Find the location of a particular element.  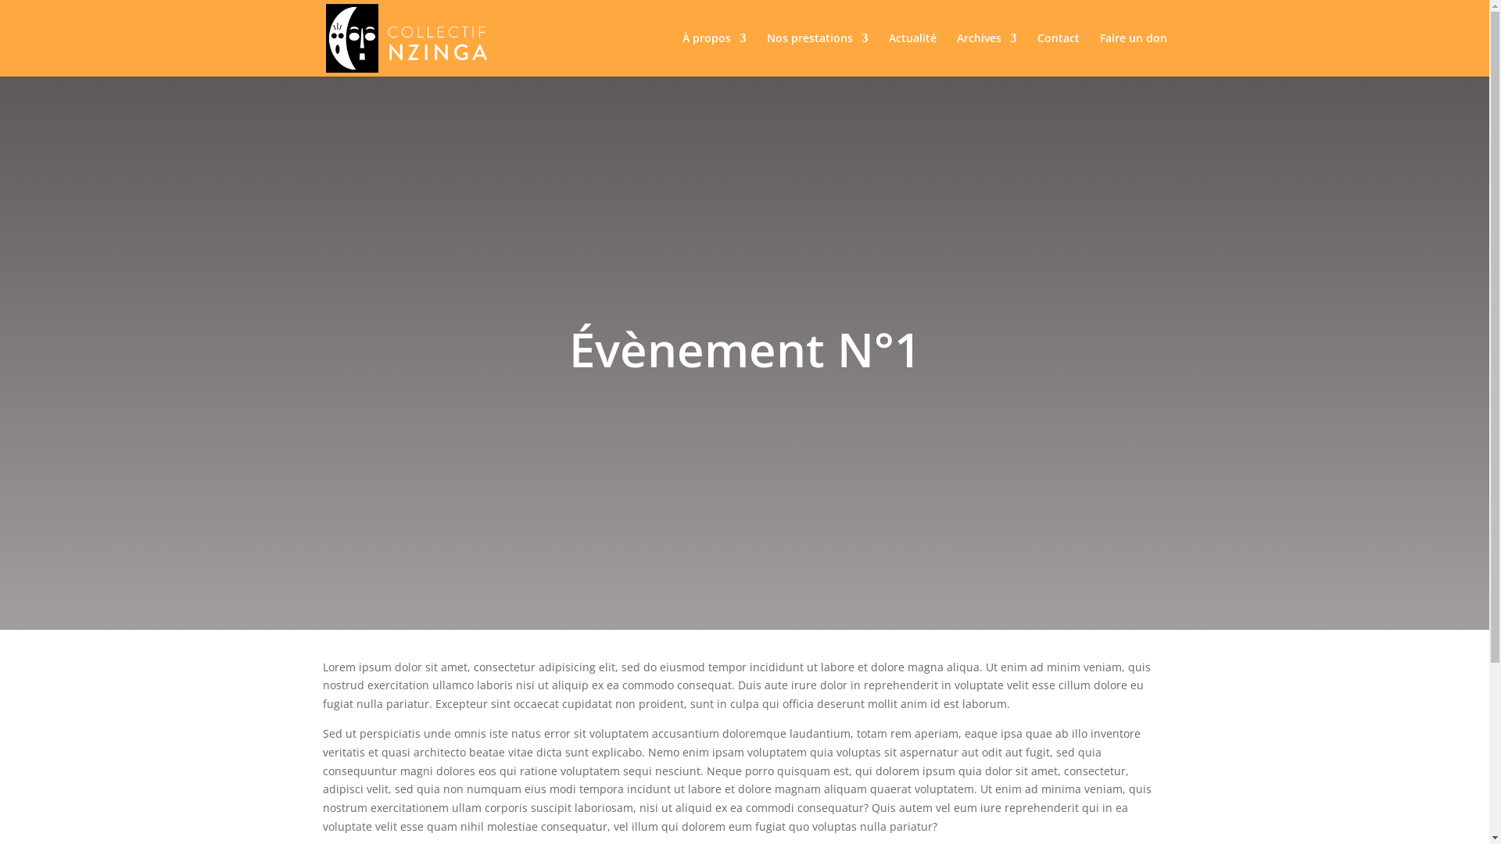

'Nos prestations' is located at coordinates (816, 53).